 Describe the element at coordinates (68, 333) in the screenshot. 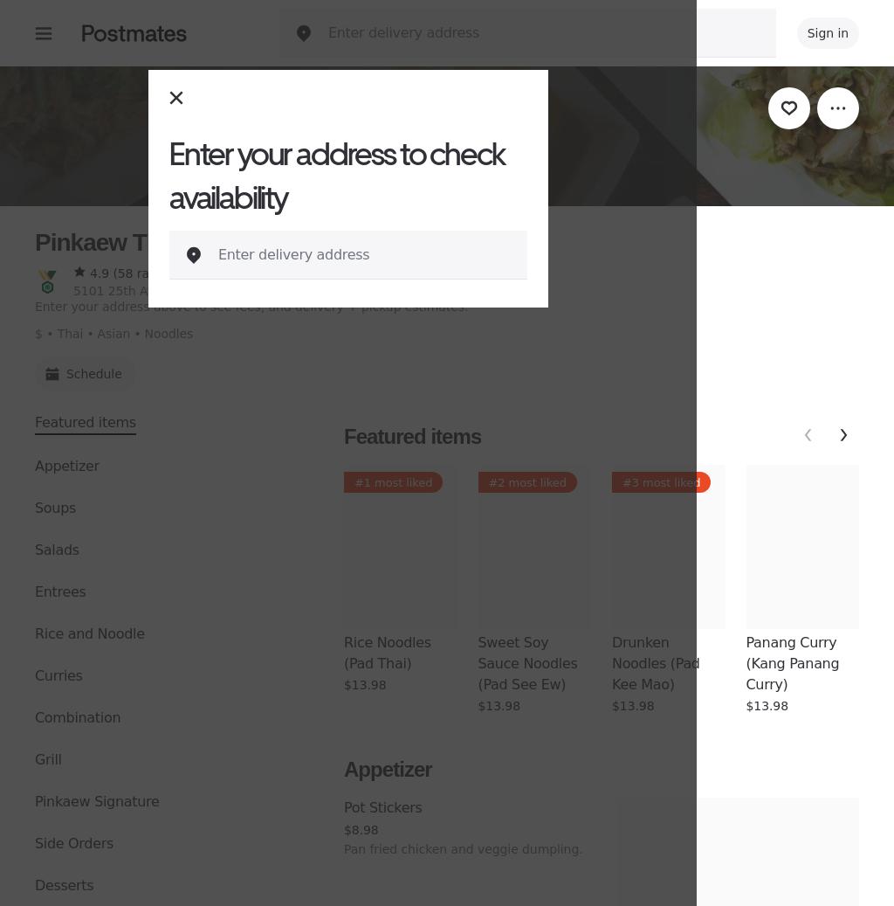

I see `'Thai'` at that location.